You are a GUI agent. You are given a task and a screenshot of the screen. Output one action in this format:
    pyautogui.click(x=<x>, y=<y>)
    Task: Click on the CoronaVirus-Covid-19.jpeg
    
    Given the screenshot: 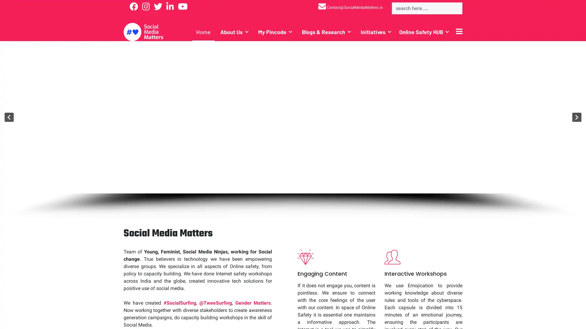 What is the action you would take?
    pyautogui.click(x=252, y=187)
    